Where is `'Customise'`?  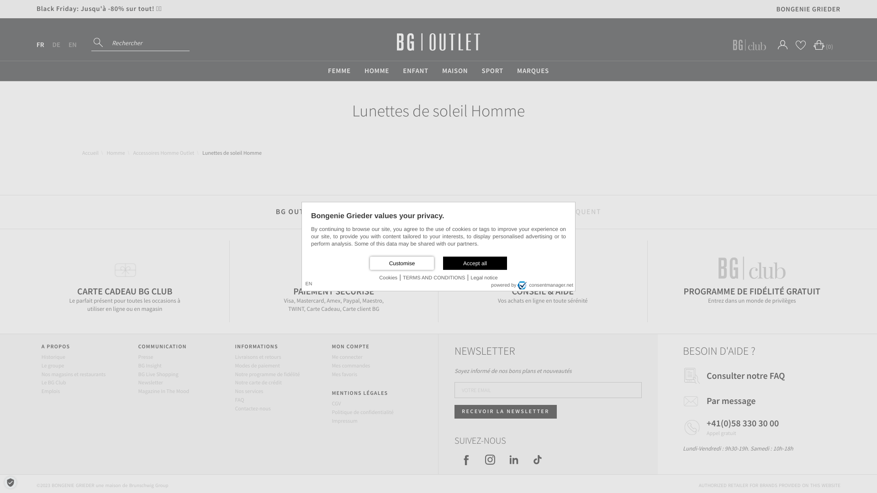 'Customise' is located at coordinates (402, 263).